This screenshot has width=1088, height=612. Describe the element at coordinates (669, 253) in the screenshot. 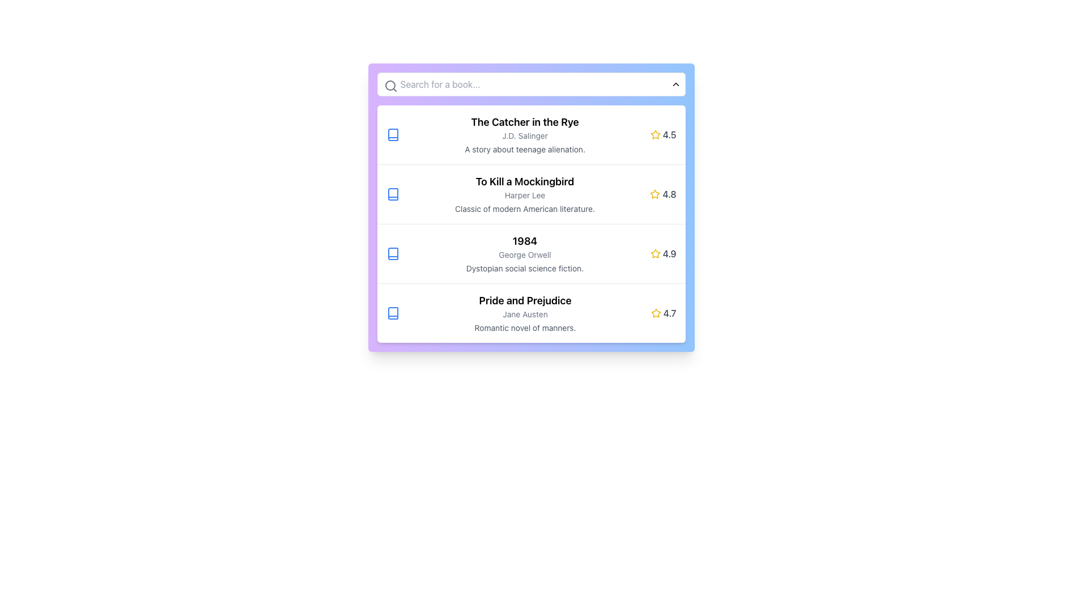

I see `the numerical rating score text for the book '1984', located in the bottom-right corner of its list item row, which is the third sibling element` at that location.